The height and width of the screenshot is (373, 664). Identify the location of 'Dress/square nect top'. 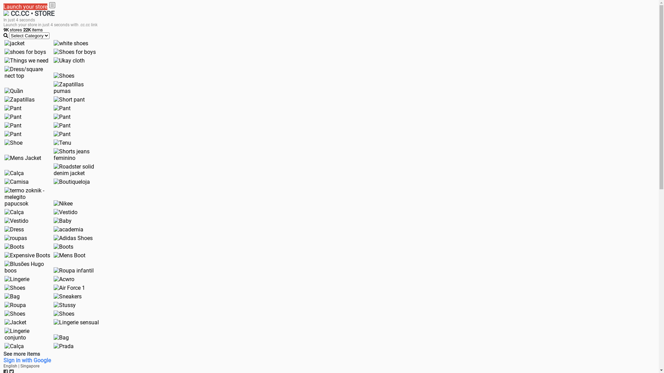
(4, 72).